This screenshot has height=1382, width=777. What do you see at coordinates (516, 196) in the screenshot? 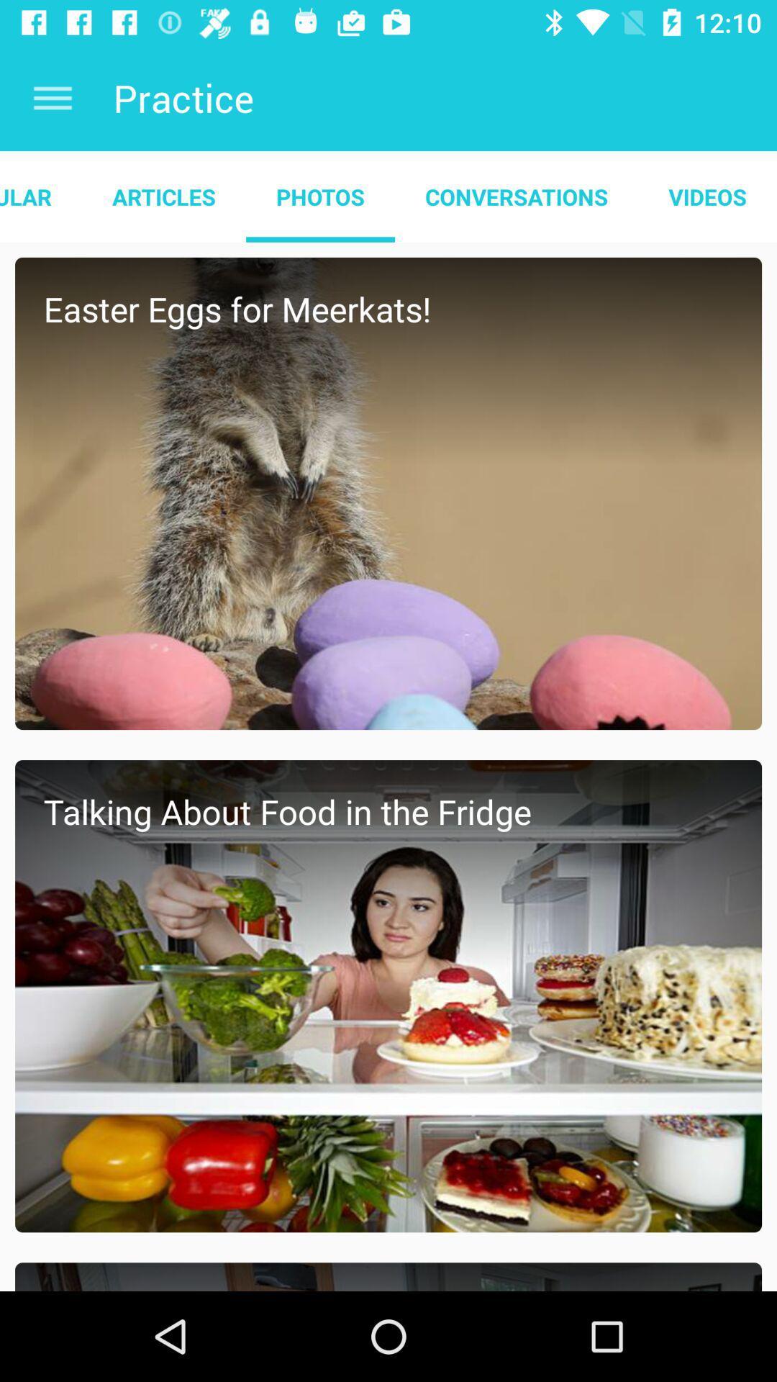
I see `item next to photos icon` at bounding box center [516, 196].